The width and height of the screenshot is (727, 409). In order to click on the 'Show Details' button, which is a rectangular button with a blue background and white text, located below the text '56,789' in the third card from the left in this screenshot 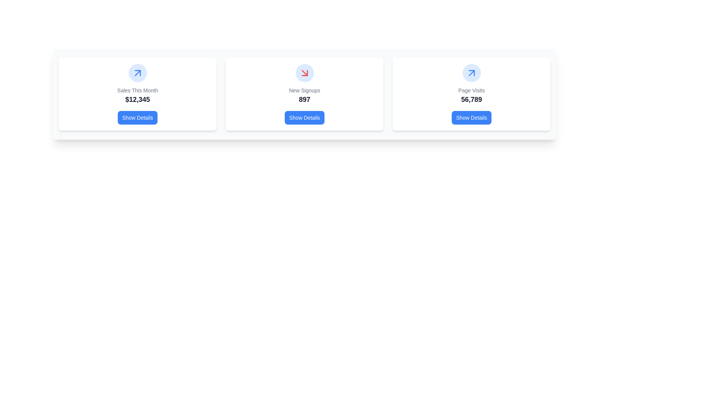, I will do `click(471, 118)`.